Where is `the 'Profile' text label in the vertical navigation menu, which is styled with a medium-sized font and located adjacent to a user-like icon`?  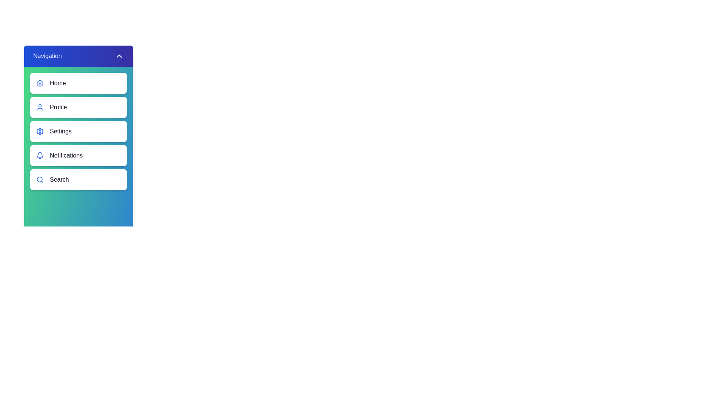
the 'Profile' text label in the vertical navigation menu, which is styled with a medium-sized font and located adjacent to a user-like icon is located at coordinates (58, 107).